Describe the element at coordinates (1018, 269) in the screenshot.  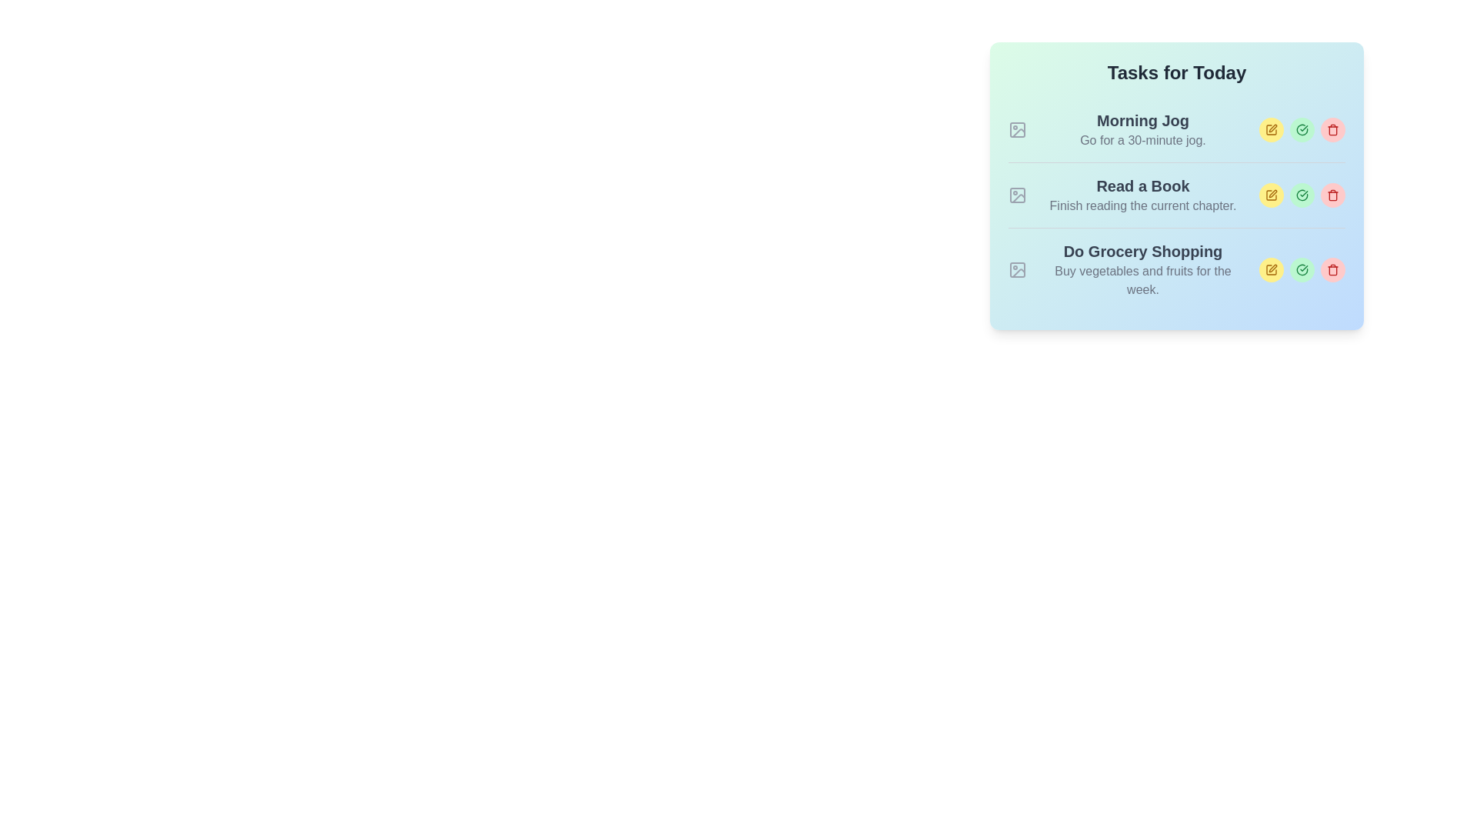
I see `the graphical element within the SVG icon associated with the 'Do Grocery Shopping' task, located in the upper left of the icon` at that location.